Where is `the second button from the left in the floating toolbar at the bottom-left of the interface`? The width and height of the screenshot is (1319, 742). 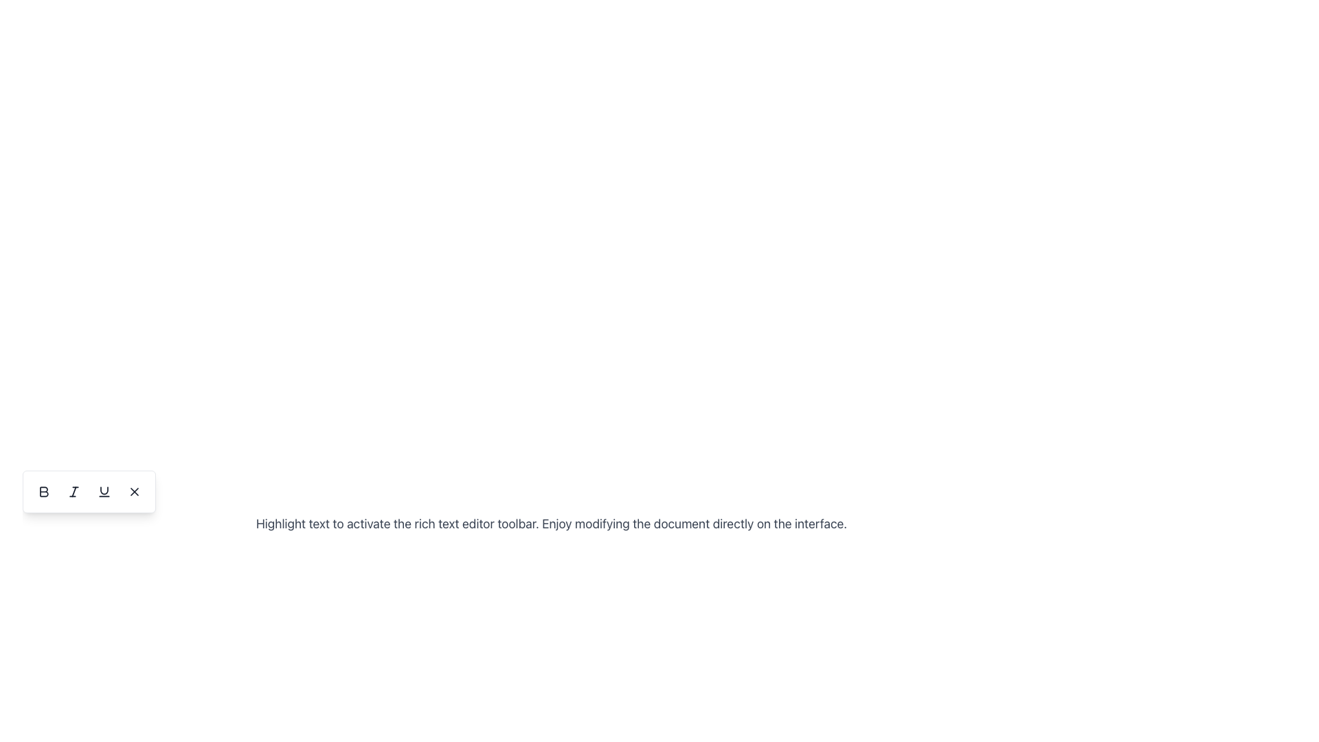
the second button from the left in the floating toolbar at the bottom-left of the interface is located at coordinates (74, 491).